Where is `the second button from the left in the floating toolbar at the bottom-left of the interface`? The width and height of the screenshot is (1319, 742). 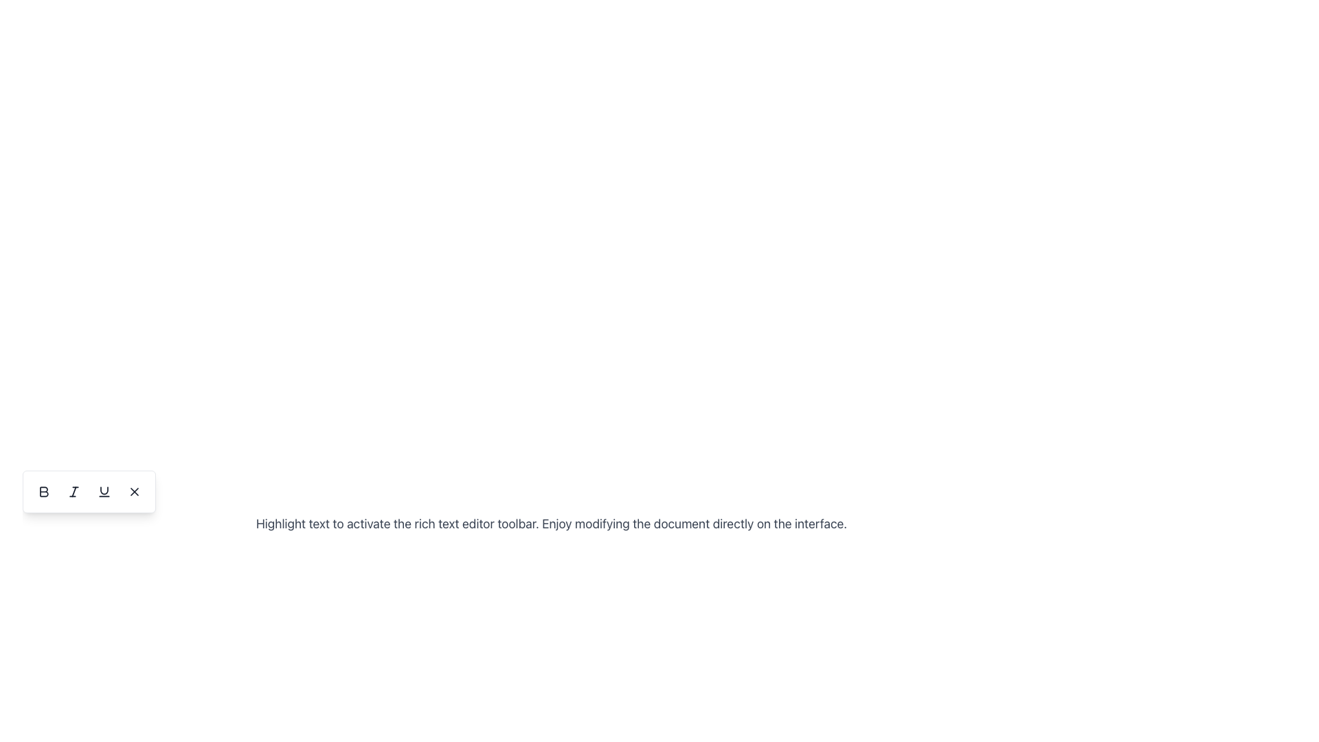
the second button from the left in the floating toolbar at the bottom-left of the interface is located at coordinates (74, 491).